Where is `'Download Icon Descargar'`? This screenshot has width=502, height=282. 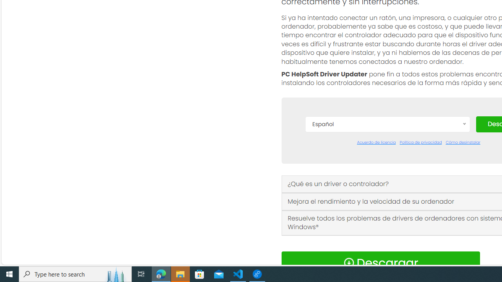
'Download Icon Descargar' is located at coordinates (380, 263).